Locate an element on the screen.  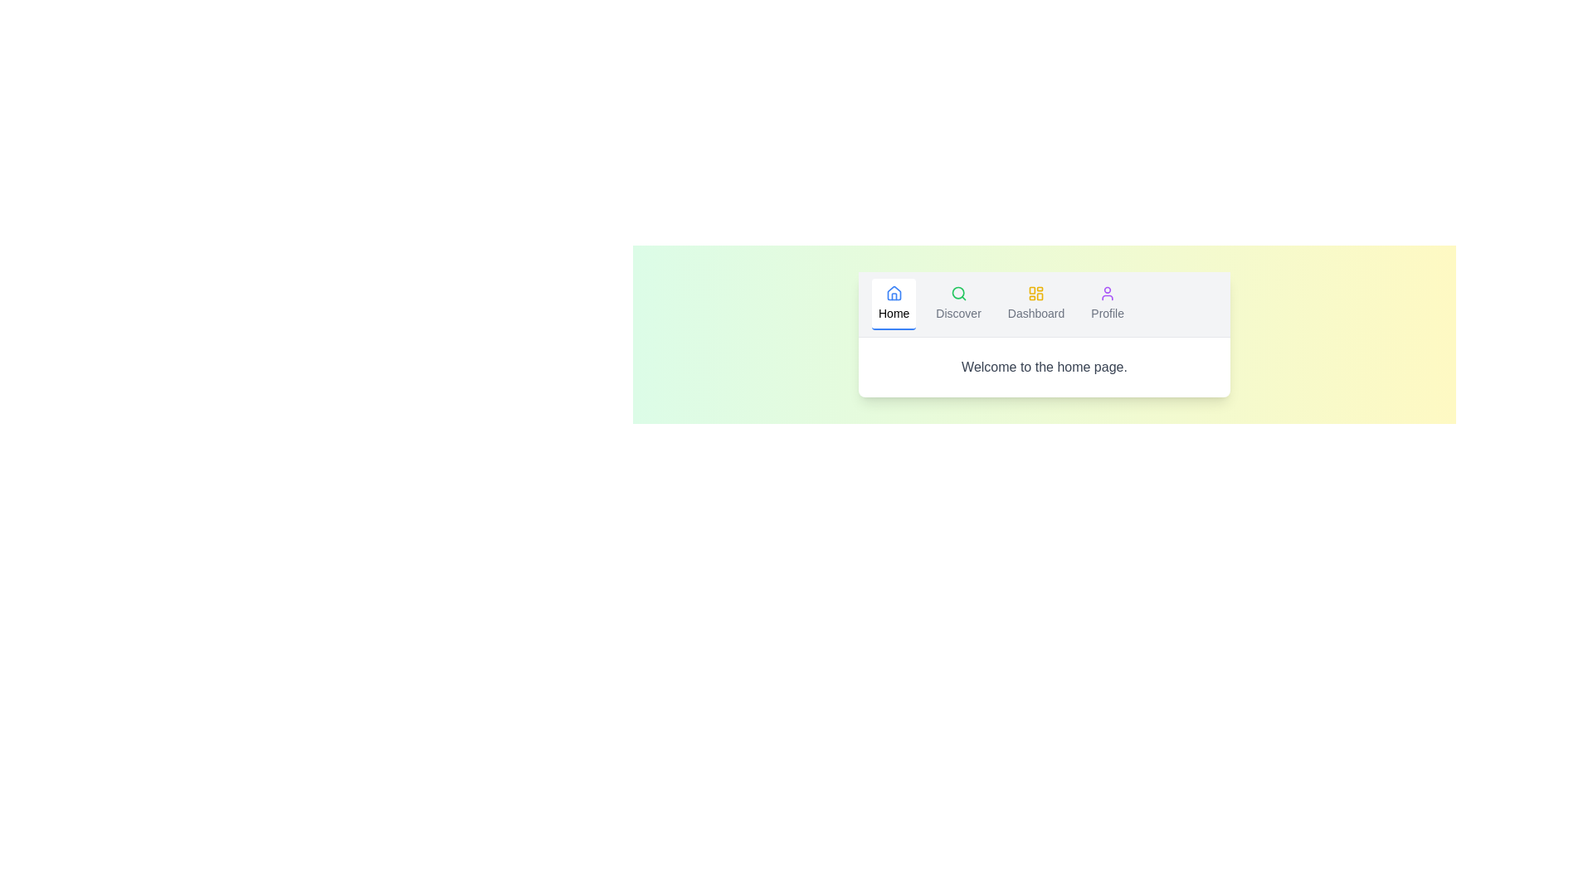
the Dashboard tab to display its content is located at coordinates (1035, 304).